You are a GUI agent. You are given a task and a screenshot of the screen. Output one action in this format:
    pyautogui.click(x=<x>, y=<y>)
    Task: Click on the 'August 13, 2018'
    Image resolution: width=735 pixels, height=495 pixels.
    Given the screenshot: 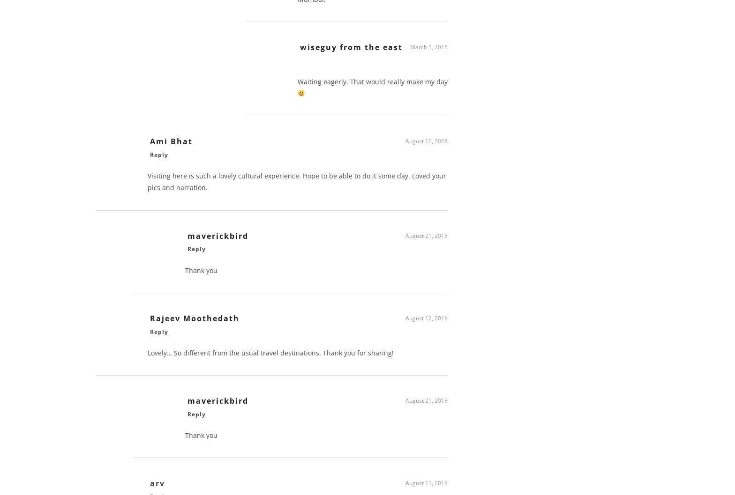 What is the action you would take?
    pyautogui.click(x=427, y=486)
    